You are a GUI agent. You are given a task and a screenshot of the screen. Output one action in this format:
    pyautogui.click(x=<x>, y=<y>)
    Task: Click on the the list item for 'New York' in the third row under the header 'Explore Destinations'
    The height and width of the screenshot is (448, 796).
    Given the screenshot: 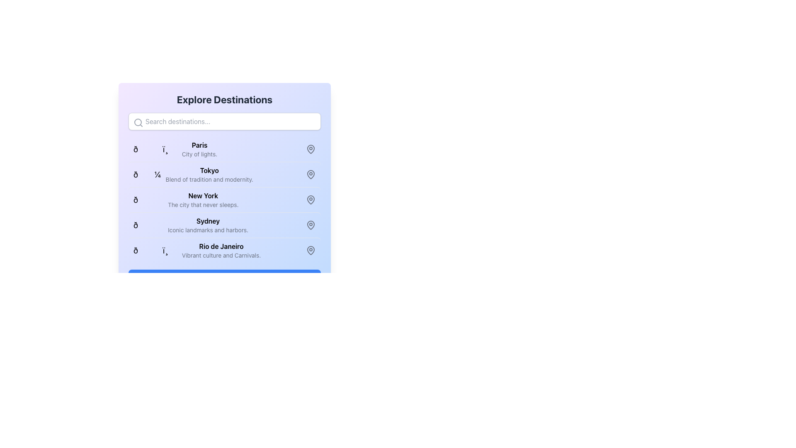 What is the action you would take?
    pyautogui.click(x=203, y=200)
    